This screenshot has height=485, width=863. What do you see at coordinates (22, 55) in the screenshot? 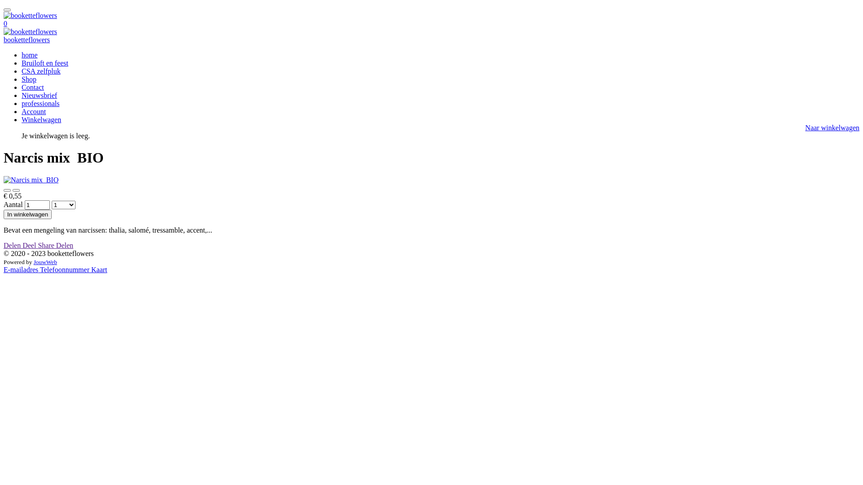
I see `'home'` at bounding box center [22, 55].